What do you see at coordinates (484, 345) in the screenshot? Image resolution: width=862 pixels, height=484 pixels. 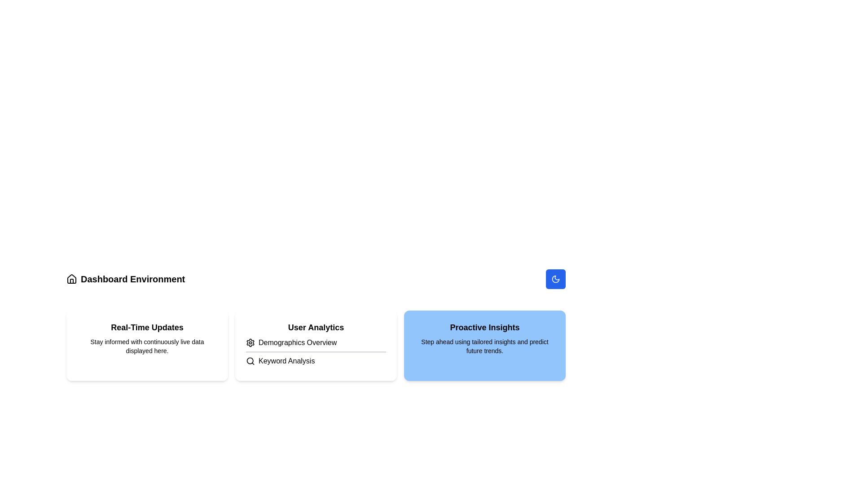 I see `content inside the informational card titled 'Proactive Insights' which is located in the lower region of the interface, specifically as the third item in a three-column grid layout` at bounding box center [484, 345].